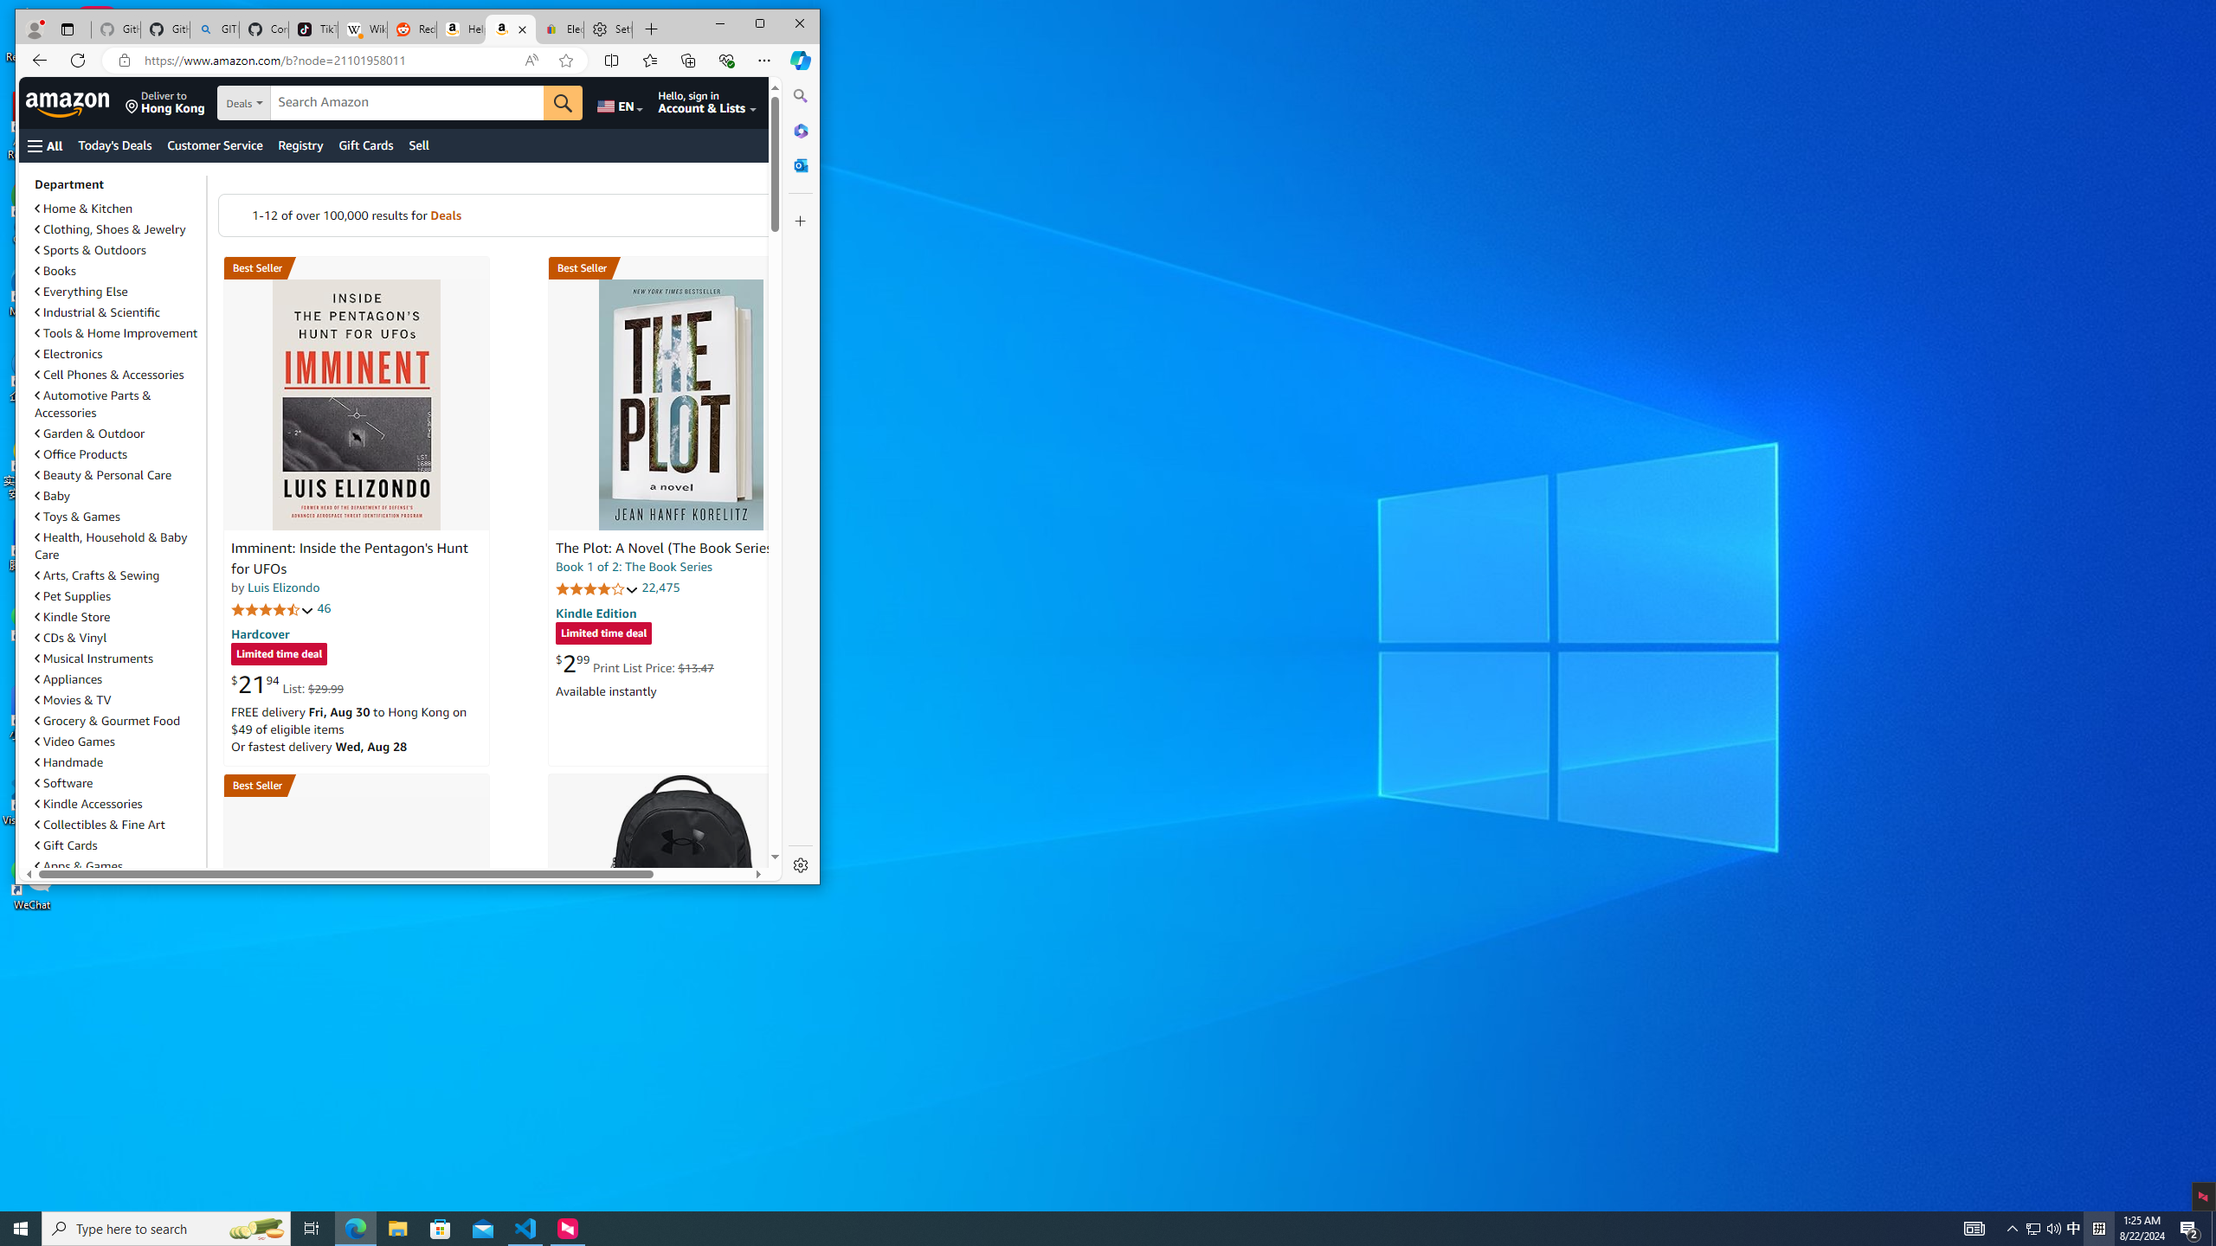 The image size is (2216, 1246). Describe the element at coordinates (70, 637) in the screenshot. I see `'CDs & Vinyl'` at that location.